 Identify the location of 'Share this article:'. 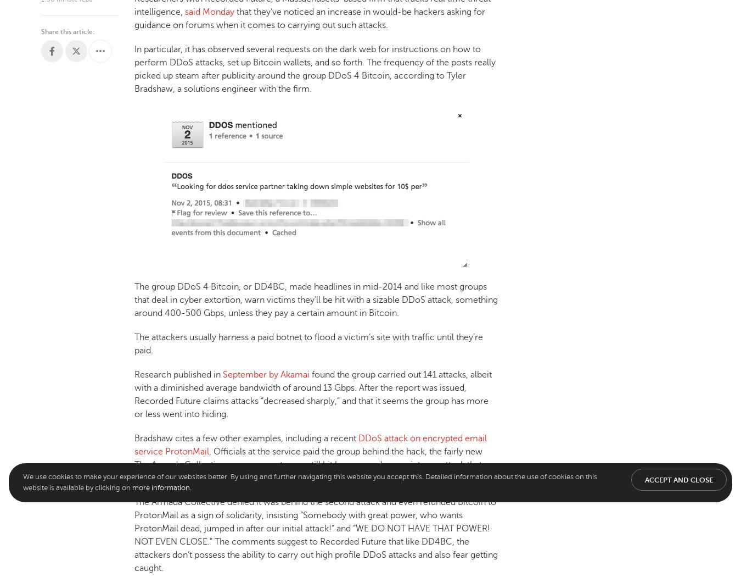
(68, 31).